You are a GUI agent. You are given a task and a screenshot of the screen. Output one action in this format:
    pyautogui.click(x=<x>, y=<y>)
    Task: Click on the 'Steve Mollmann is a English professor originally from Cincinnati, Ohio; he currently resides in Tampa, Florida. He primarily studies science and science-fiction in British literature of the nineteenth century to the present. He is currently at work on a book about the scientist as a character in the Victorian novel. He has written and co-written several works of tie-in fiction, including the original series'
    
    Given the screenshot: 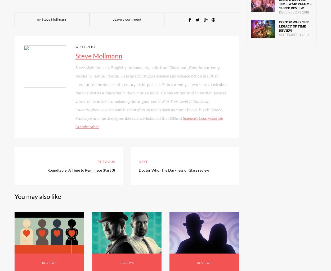 What is the action you would take?
    pyautogui.click(x=75, y=84)
    